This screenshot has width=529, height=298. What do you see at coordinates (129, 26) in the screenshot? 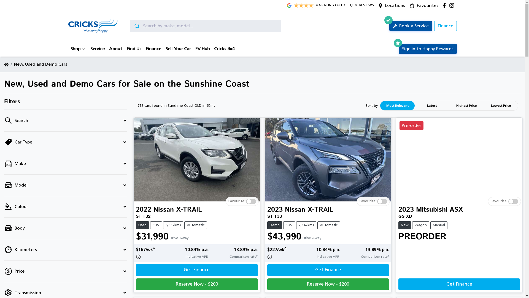
I see `'Submit'` at bounding box center [129, 26].